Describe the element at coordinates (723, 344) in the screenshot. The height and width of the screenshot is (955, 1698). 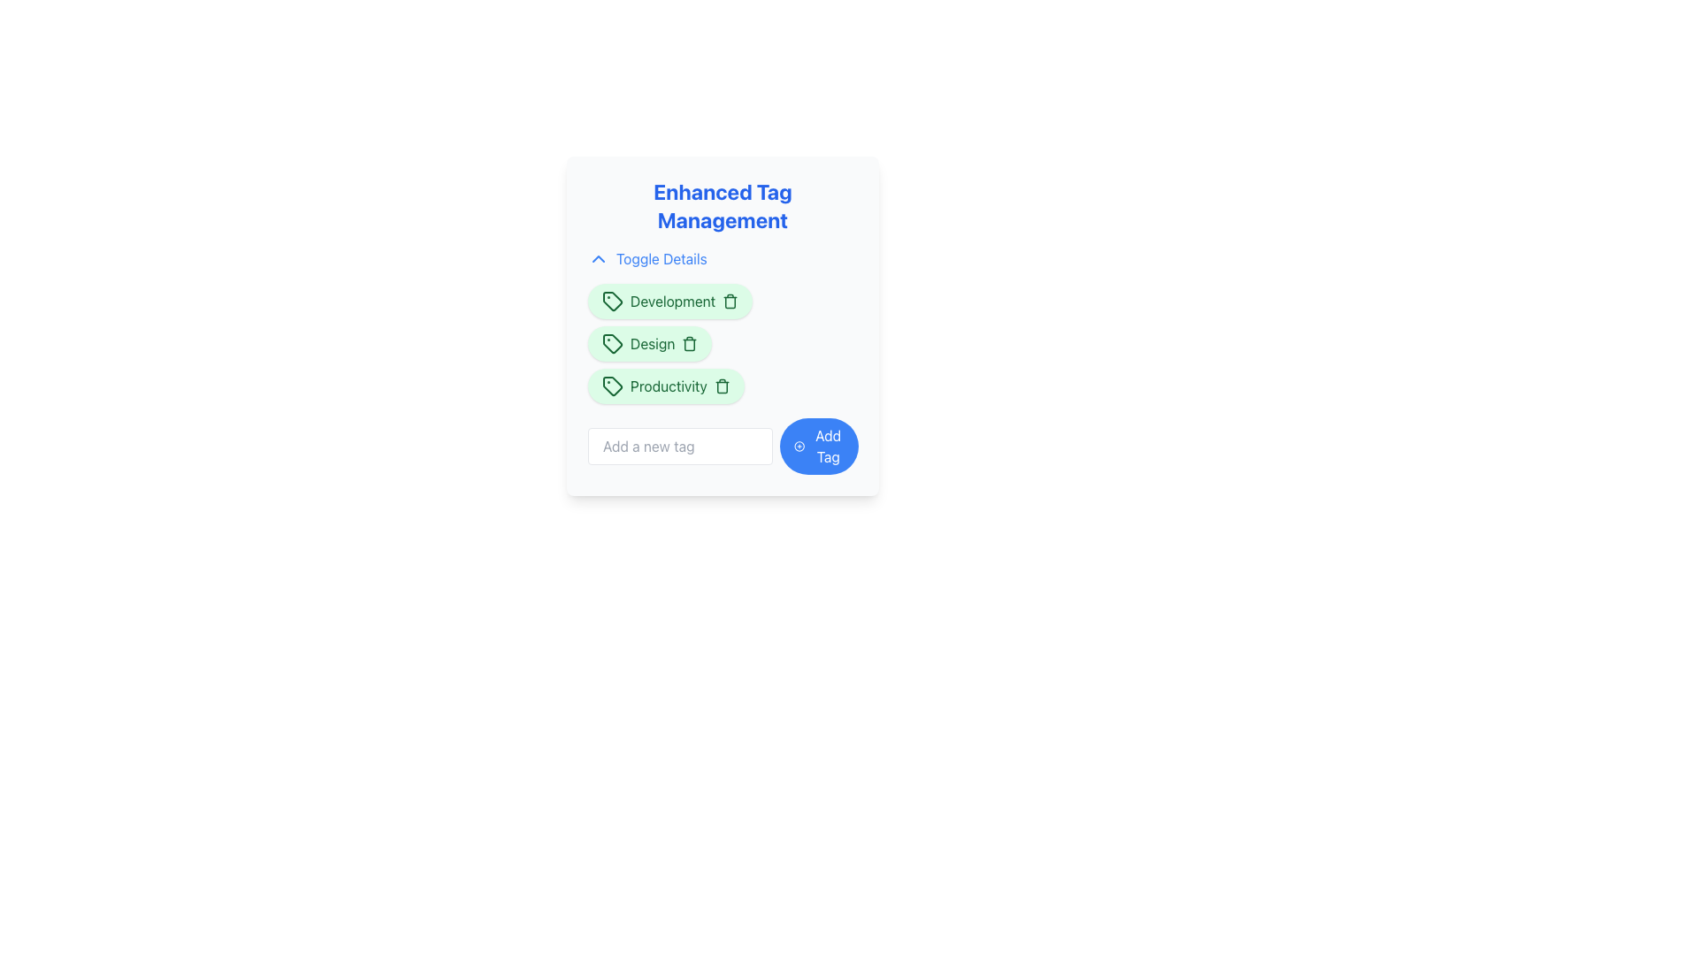
I see `the second tag labeled 'Design' in the 'Enhanced Tag Management' section` at that location.